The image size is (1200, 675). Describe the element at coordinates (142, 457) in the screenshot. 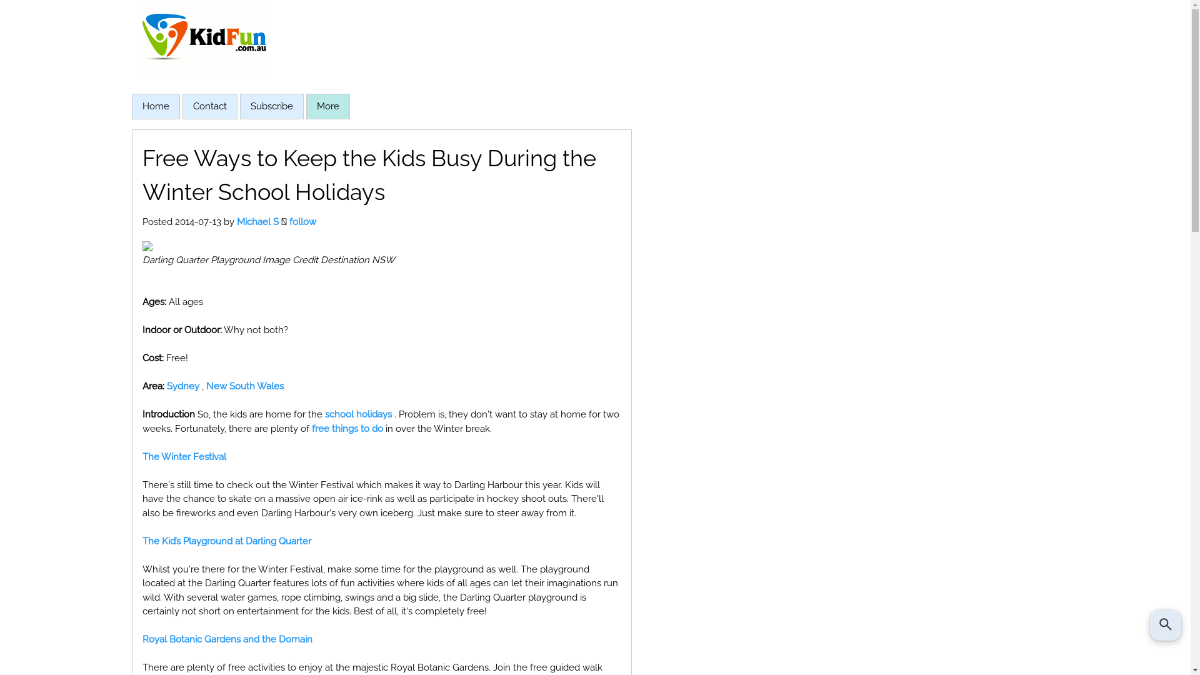

I see `'The Winter Festival'` at that location.